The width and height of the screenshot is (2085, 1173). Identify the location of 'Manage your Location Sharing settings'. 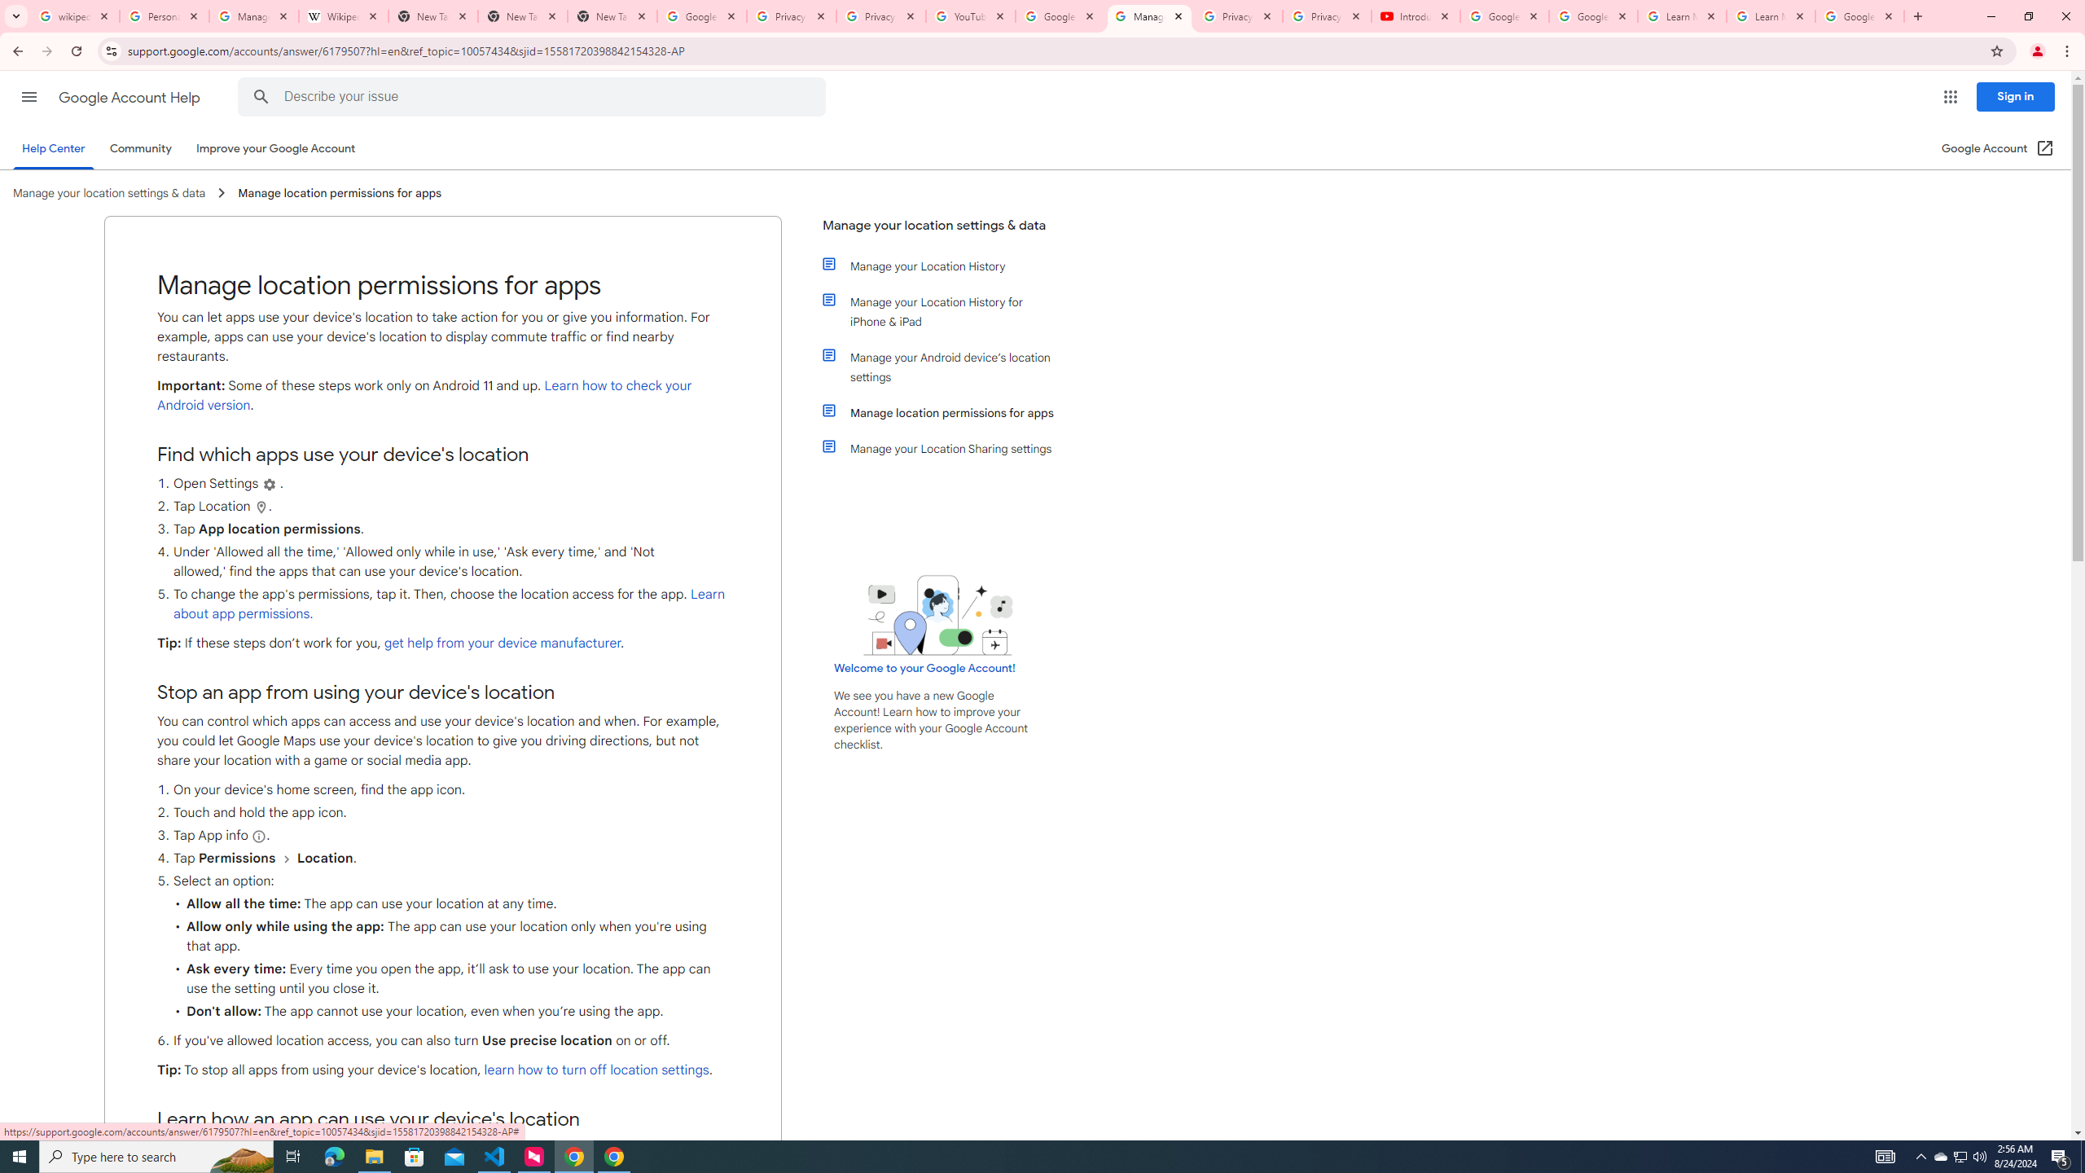
(946, 447).